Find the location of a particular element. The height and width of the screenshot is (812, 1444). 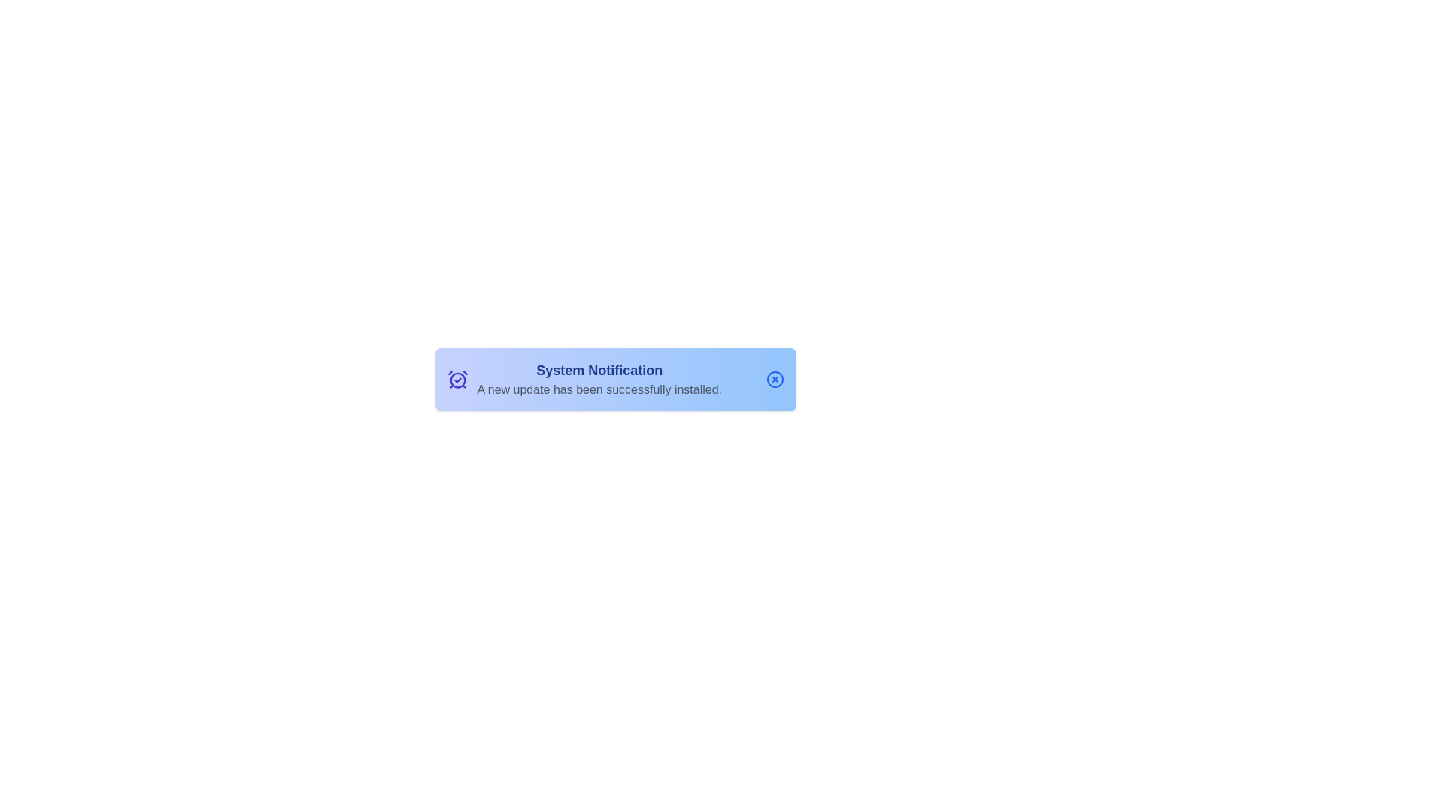

the close icon button at the far right end of the 'System Notification' box is located at coordinates (775, 379).